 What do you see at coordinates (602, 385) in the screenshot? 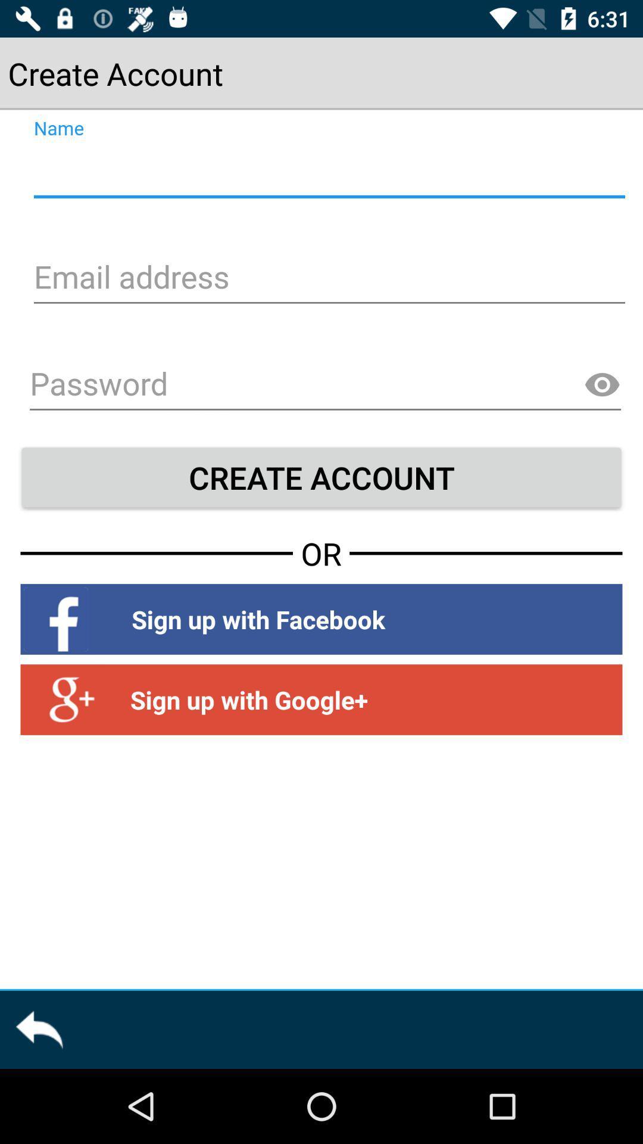
I see `the visibility icon` at bounding box center [602, 385].